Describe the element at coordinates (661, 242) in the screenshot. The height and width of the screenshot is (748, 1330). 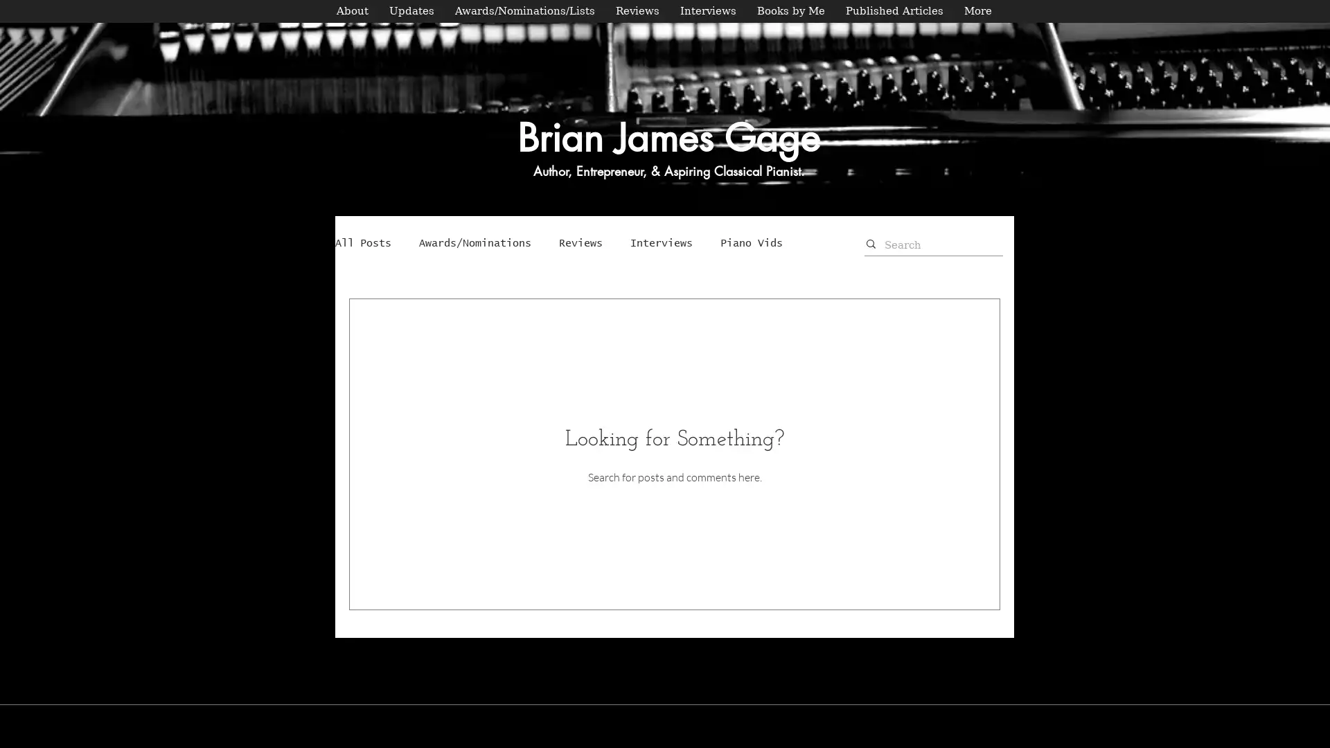
I see `Interviews` at that location.